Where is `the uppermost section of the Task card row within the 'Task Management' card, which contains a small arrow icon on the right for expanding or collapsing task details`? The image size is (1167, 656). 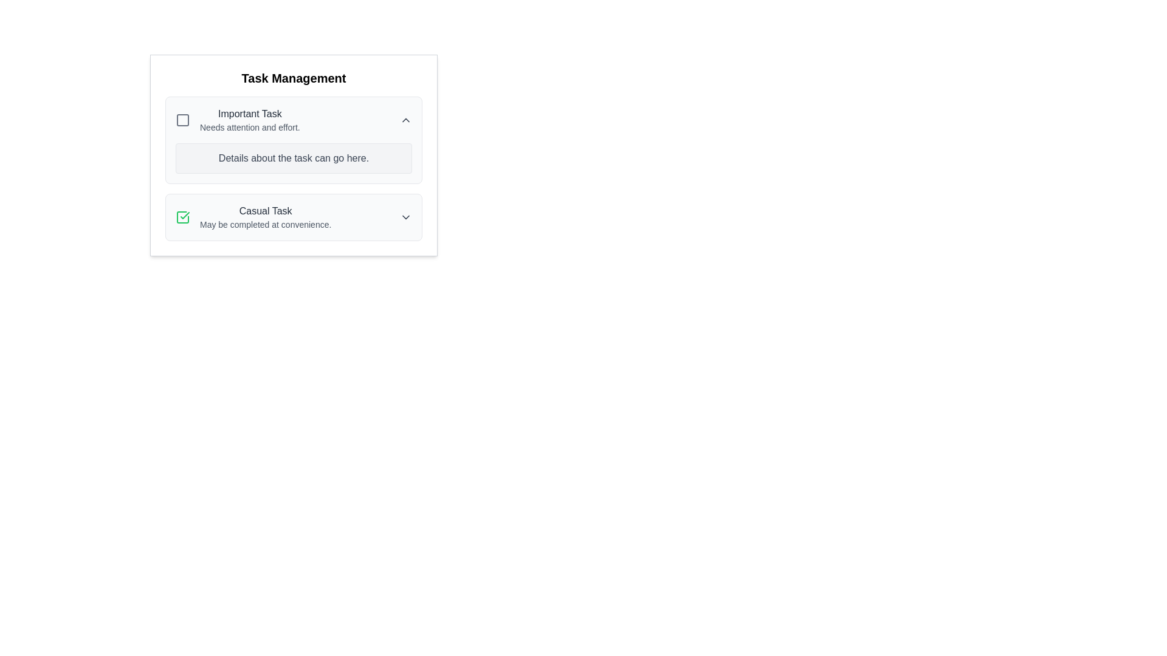
the uppermost section of the Task card row within the 'Task Management' card, which contains a small arrow icon on the right for expanding or collapsing task details is located at coordinates (294, 120).